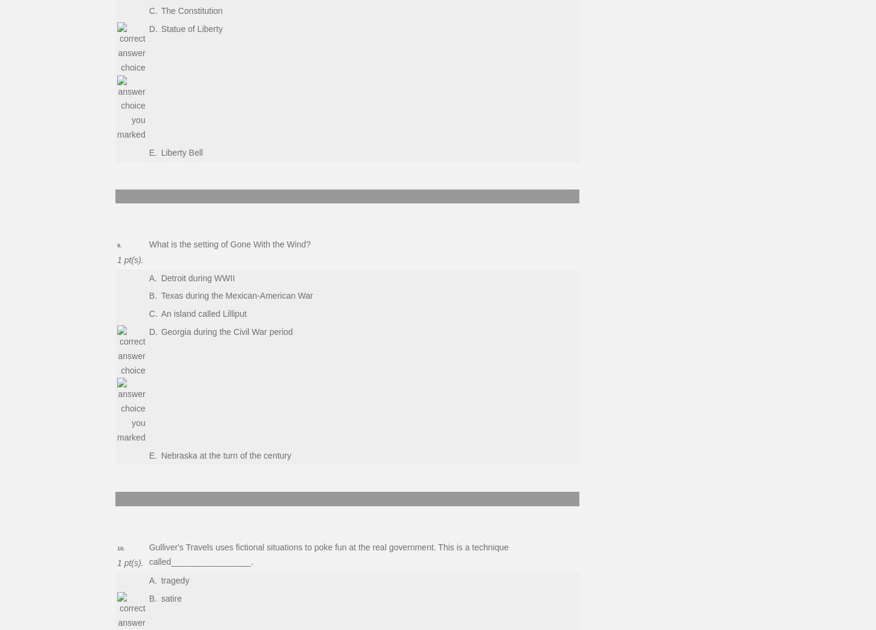  I want to click on 'An island called Lilliput', so click(160, 314).